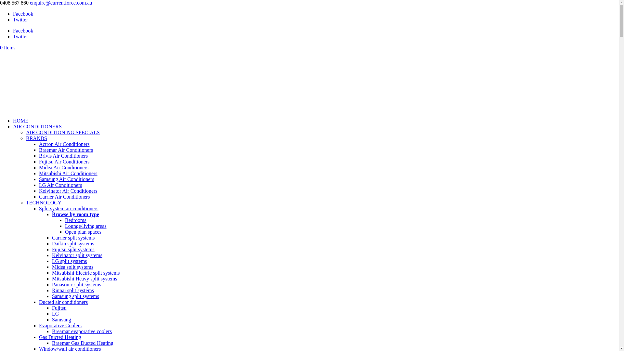 The width and height of the screenshot is (624, 351). I want to click on 'Gas Ducted Heating', so click(60, 337).